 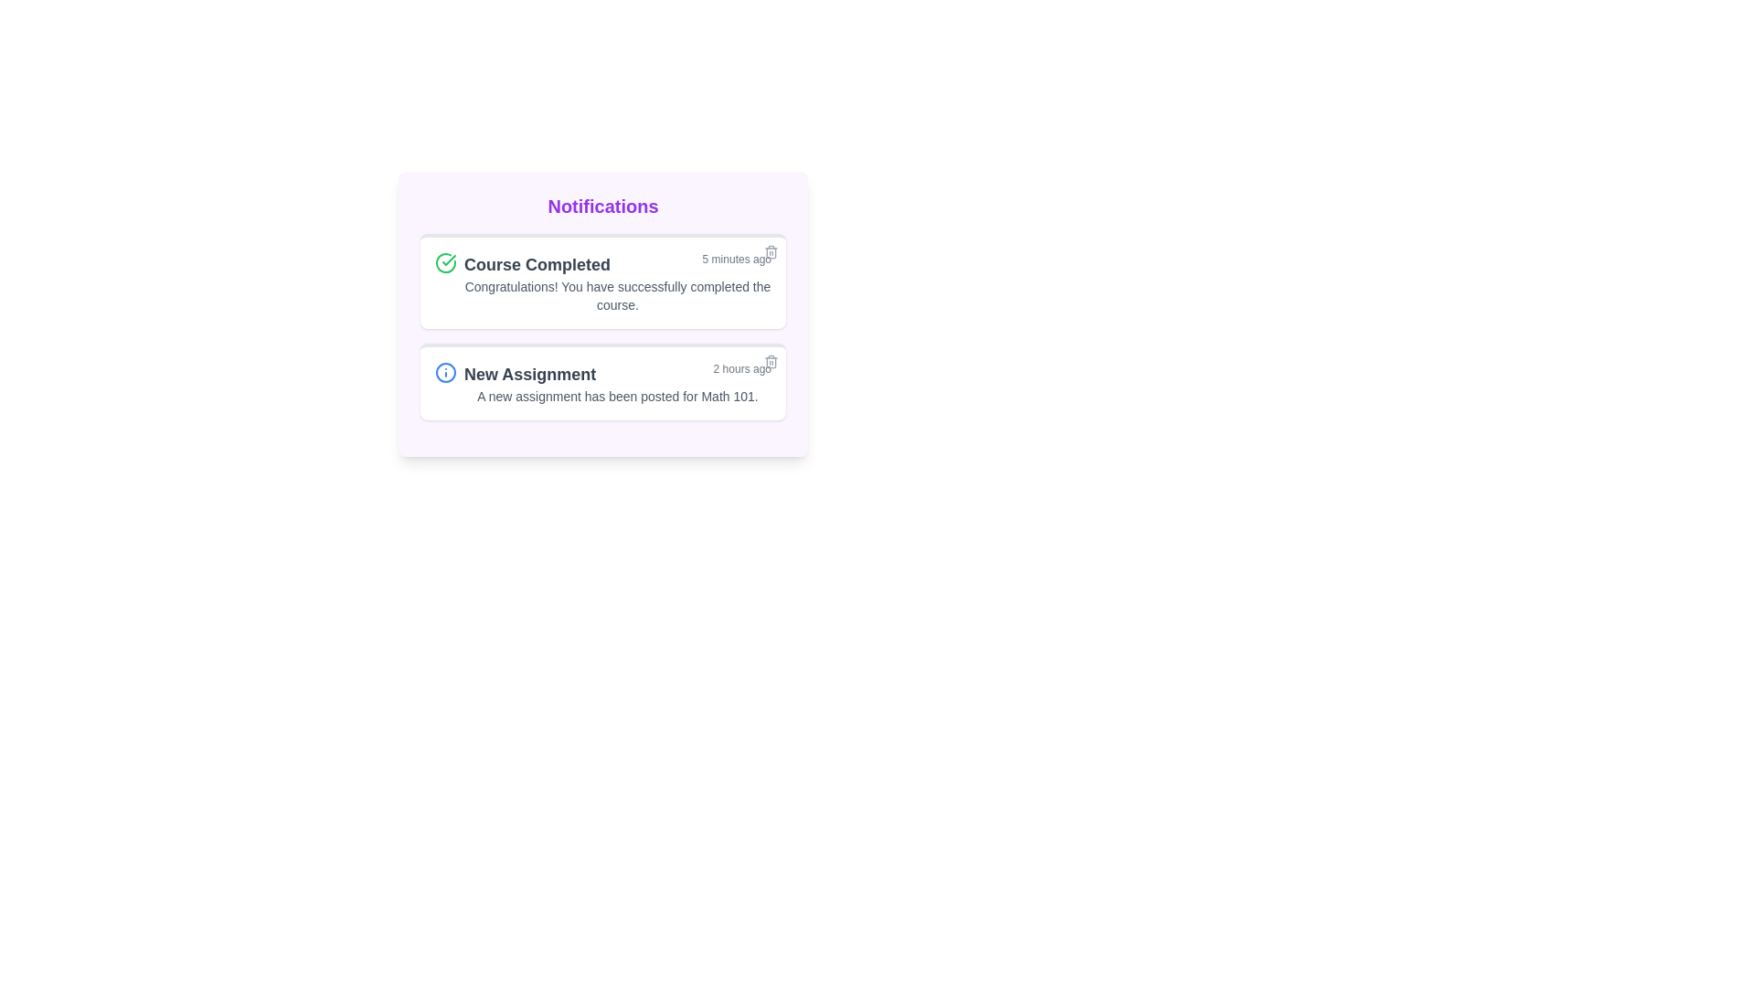 I want to click on the completion icon located to the far left of the 'Course Completed' notification, which is the top entry in the panel listing notifications, so click(x=446, y=263).